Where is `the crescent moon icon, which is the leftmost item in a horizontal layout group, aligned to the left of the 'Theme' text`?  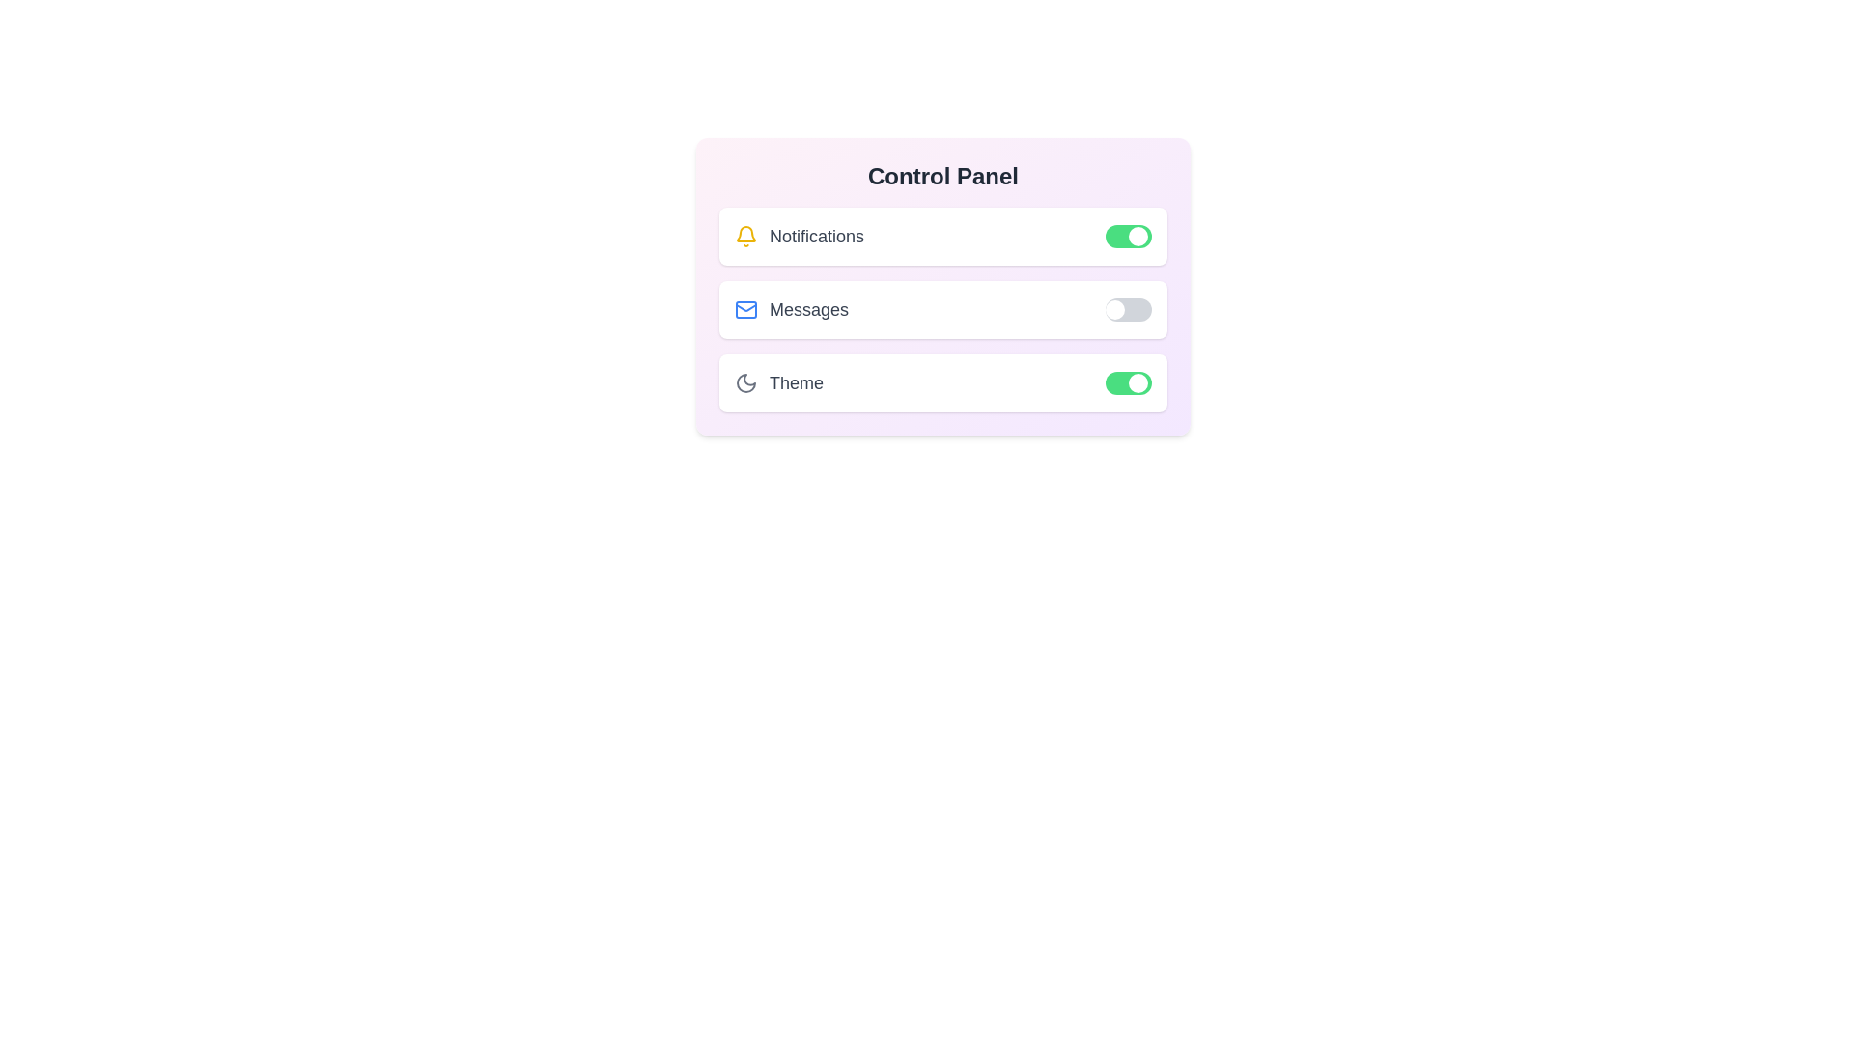
the crescent moon icon, which is the leftmost item in a horizontal layout group, aligned to the left of the 'Theme' text is located at coordinates (744, 383).